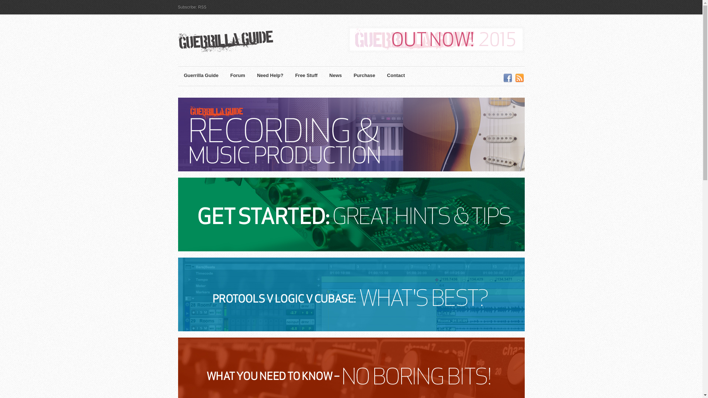 This screenshot has width=708, height=398. Describe the element at coordinates (507, 78) in the screenshot. I see `'Facebook'` at that location.